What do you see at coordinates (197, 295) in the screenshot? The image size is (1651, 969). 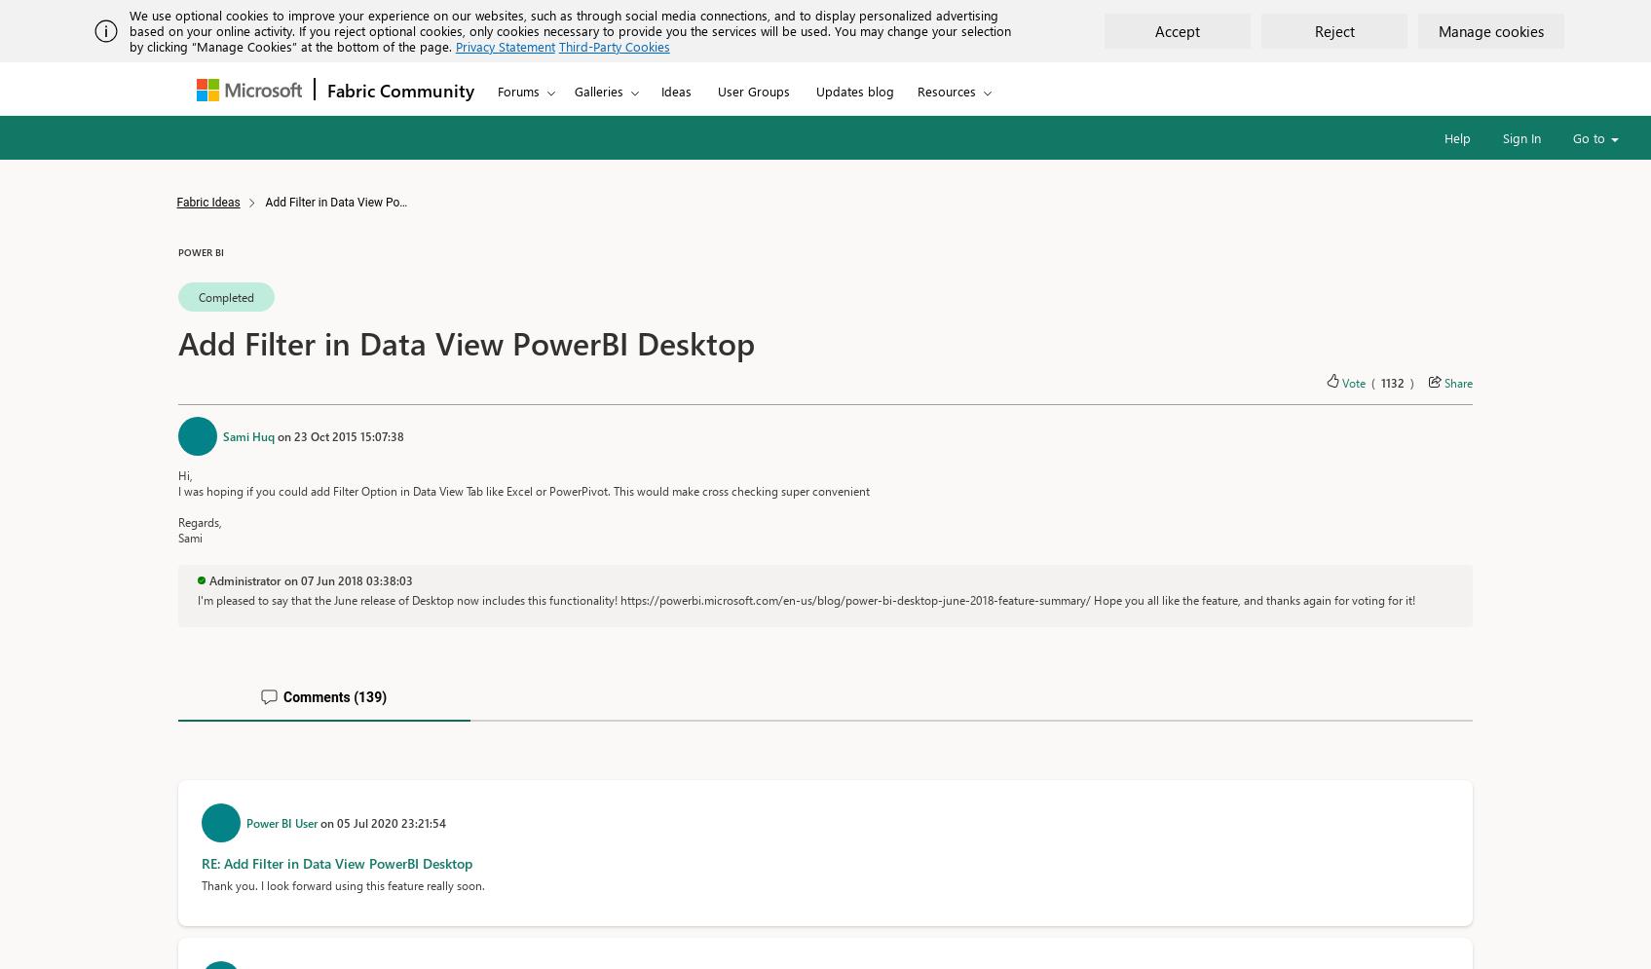 I see `'Completed'` at bounding box center [197, 295].